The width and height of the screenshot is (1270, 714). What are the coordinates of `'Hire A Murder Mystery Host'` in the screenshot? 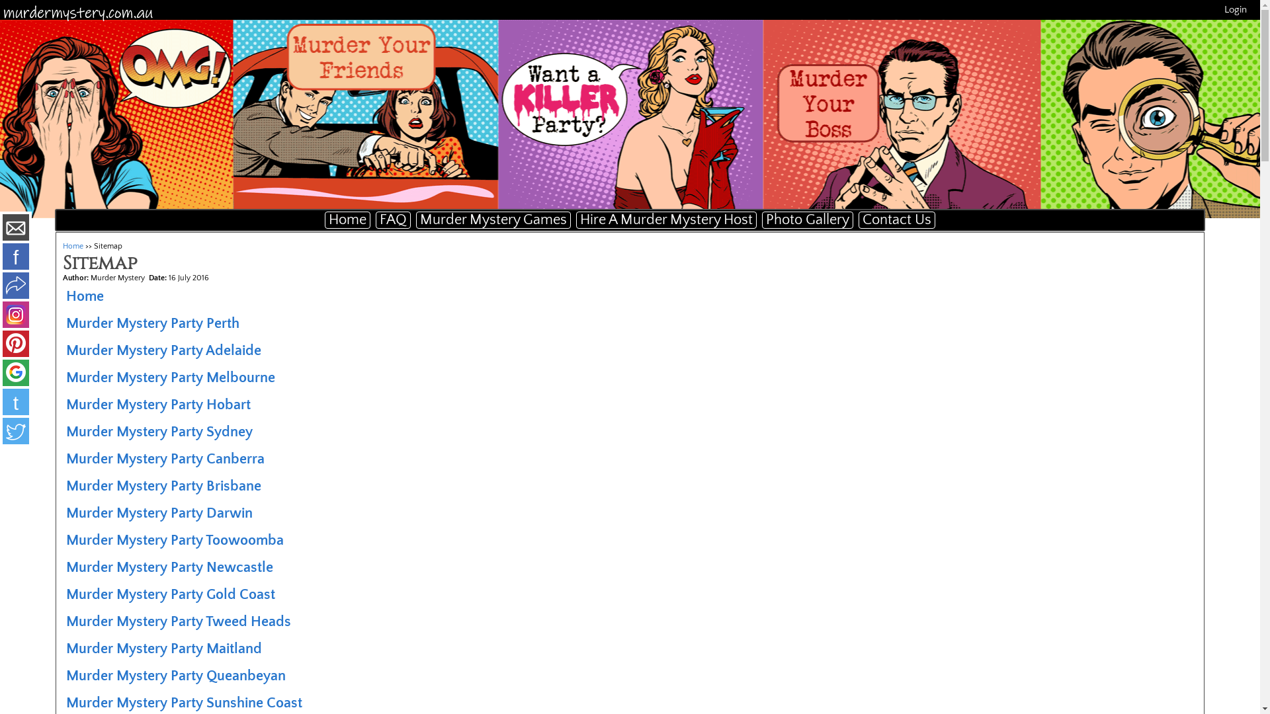 It's located at (666, 219).